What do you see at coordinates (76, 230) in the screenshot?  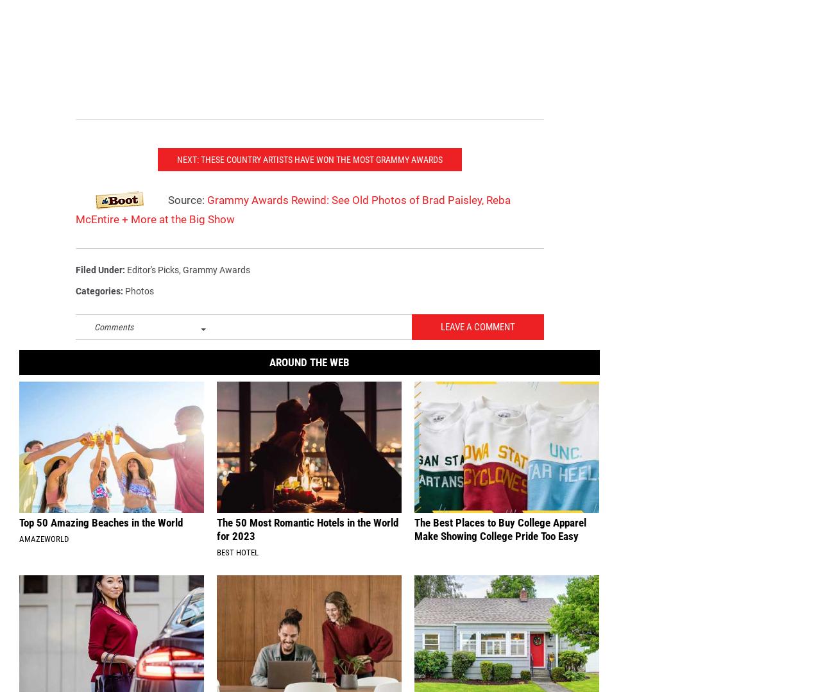 I see `'Grammy Awards Rewind: See Old Photos of Brad Paisley, Reba McEntire + More at the Big Show'` at bounding box center [76, 230].